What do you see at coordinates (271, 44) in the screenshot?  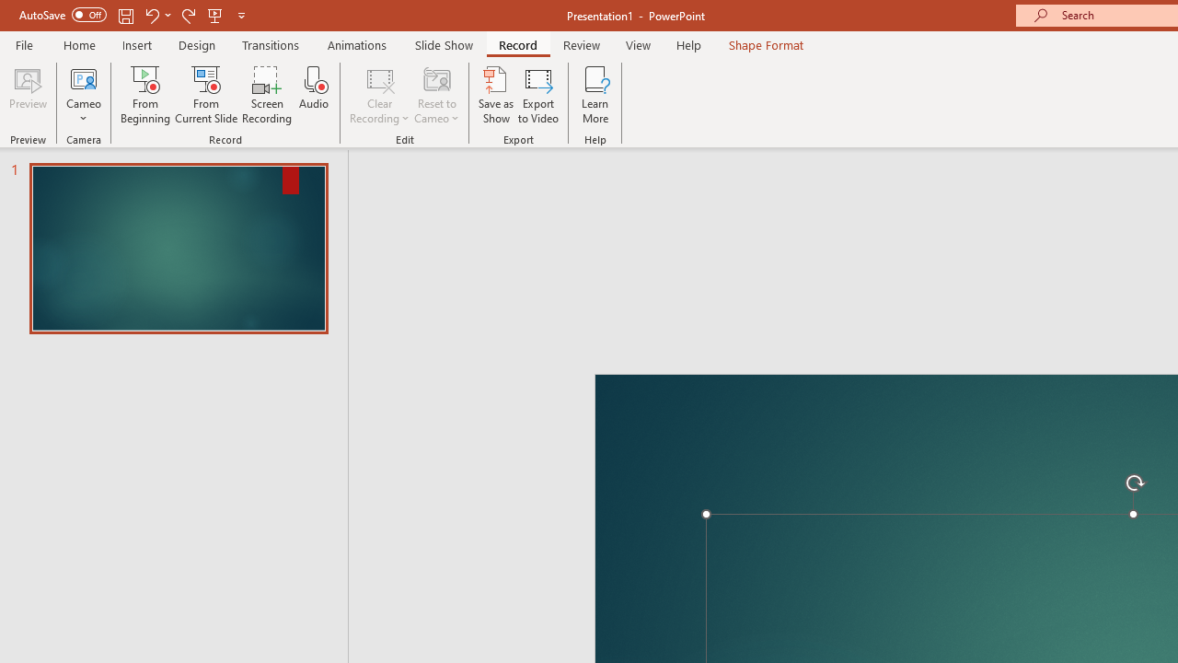 I see `'Transitions'` at bounding box center [271, 44].